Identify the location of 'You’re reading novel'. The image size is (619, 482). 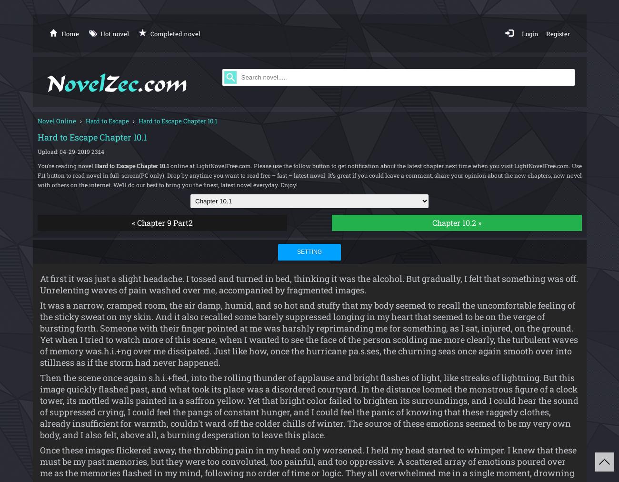
(65, 165).